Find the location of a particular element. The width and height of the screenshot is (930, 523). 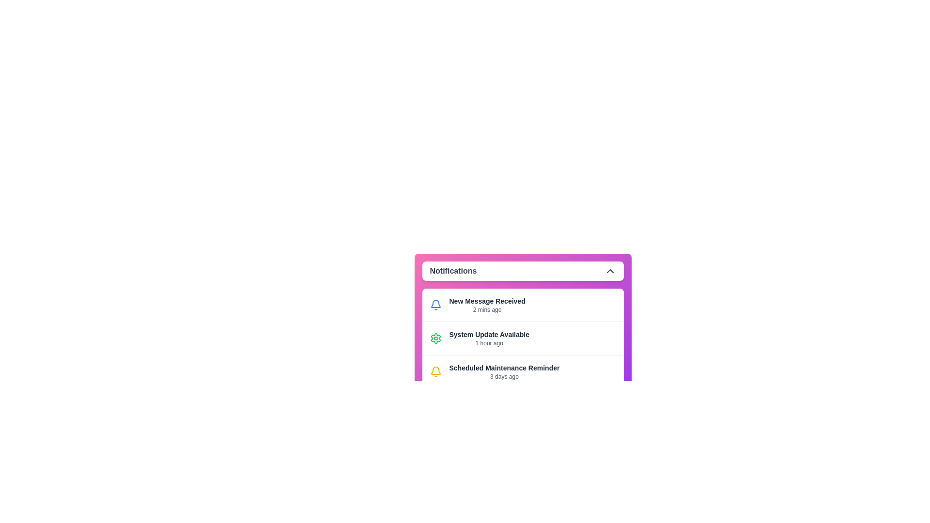

text displayed in the notification message component located in the upper region of the notification list widget, which is the primary message of the first notification card next to the blue notification bell icon is located at coordinates (487, 304).